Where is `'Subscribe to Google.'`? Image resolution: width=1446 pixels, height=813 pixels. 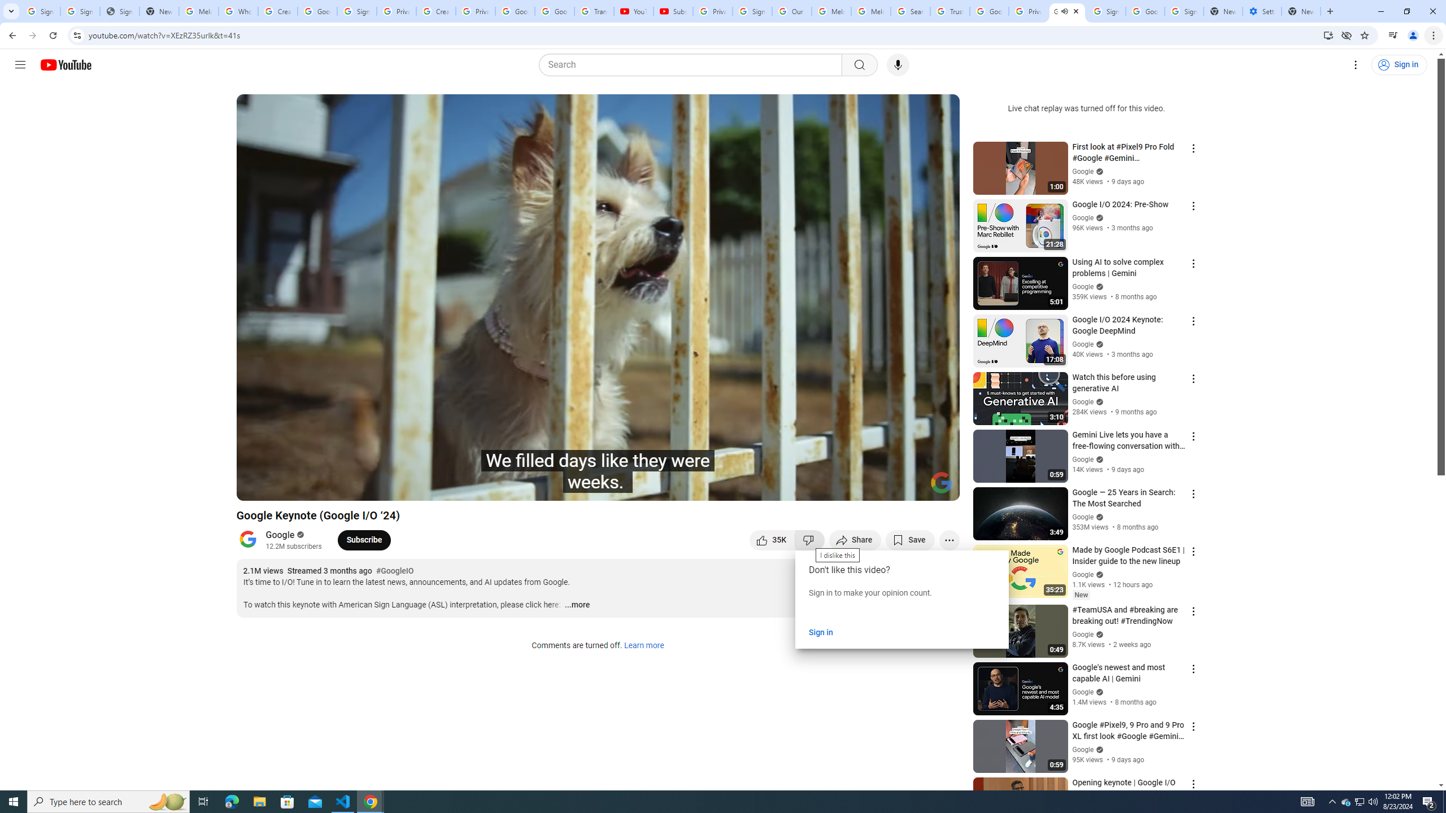
'Subscribe to Google.' is located at coordinates (364, 539).